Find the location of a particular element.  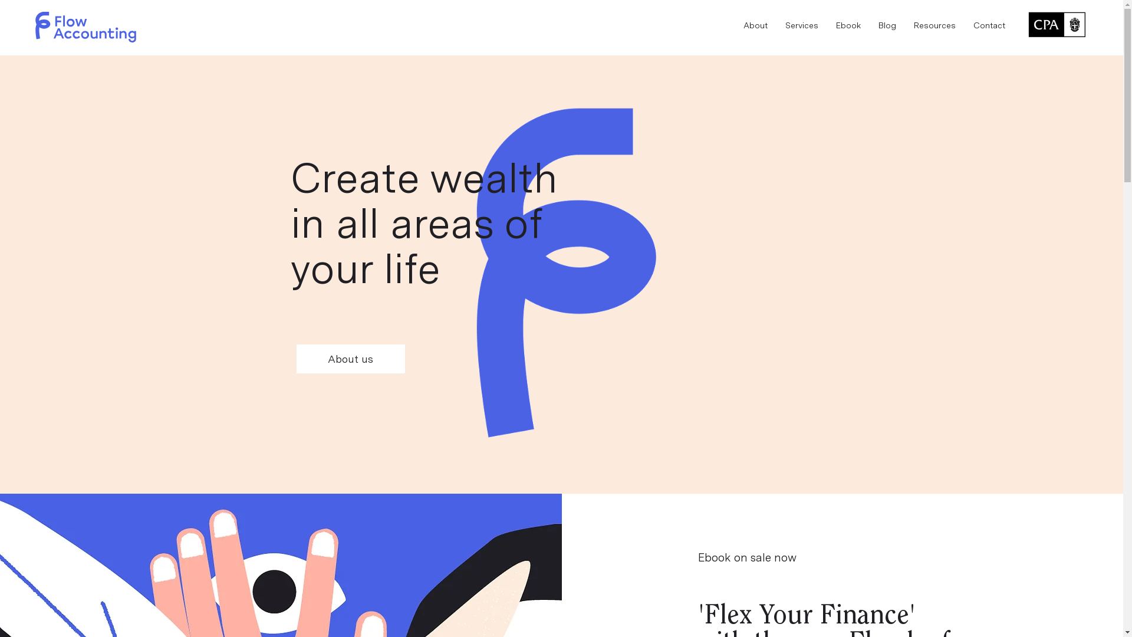

'Ebook' is located at coordinates (848, 25).